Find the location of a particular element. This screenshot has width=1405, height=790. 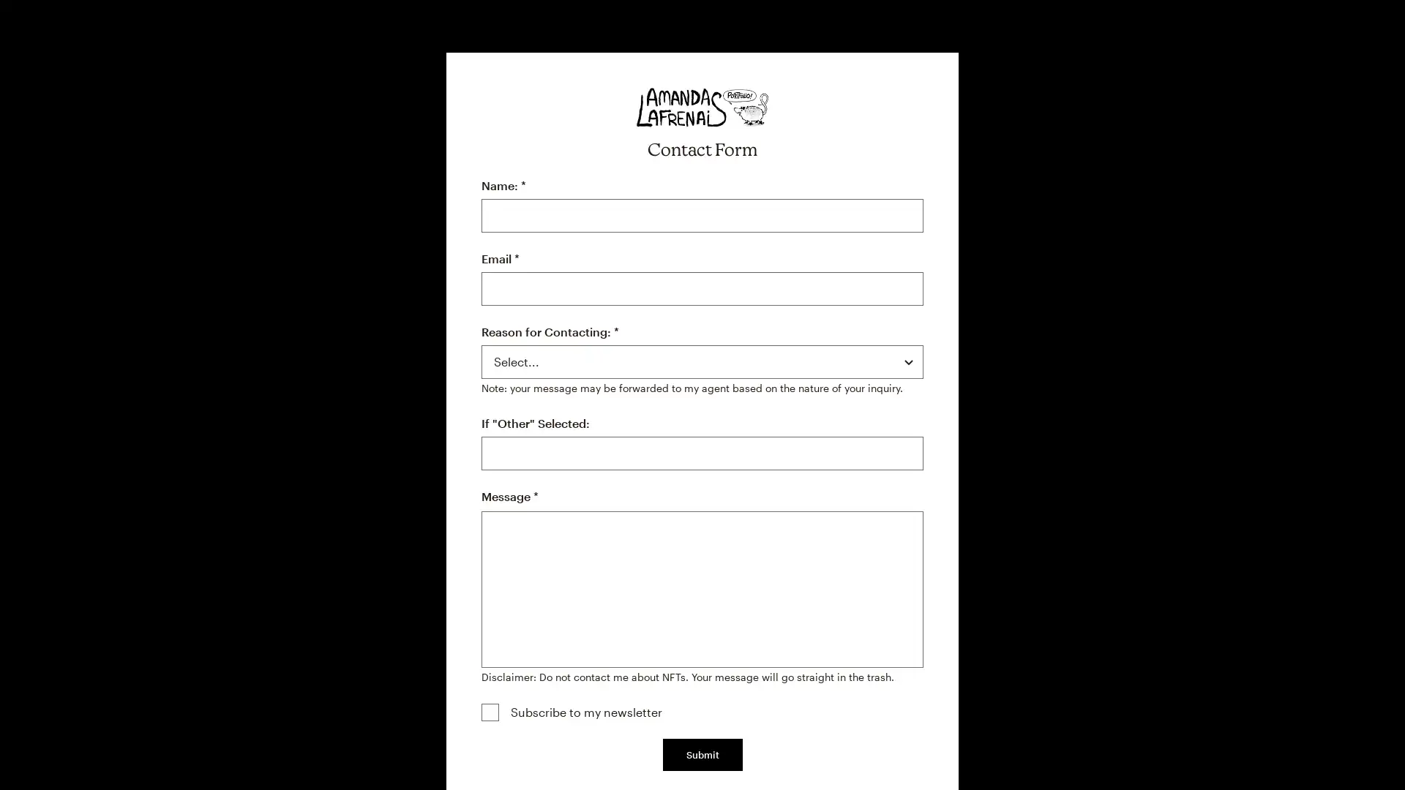

Submit is located at coordinates (701, 753).